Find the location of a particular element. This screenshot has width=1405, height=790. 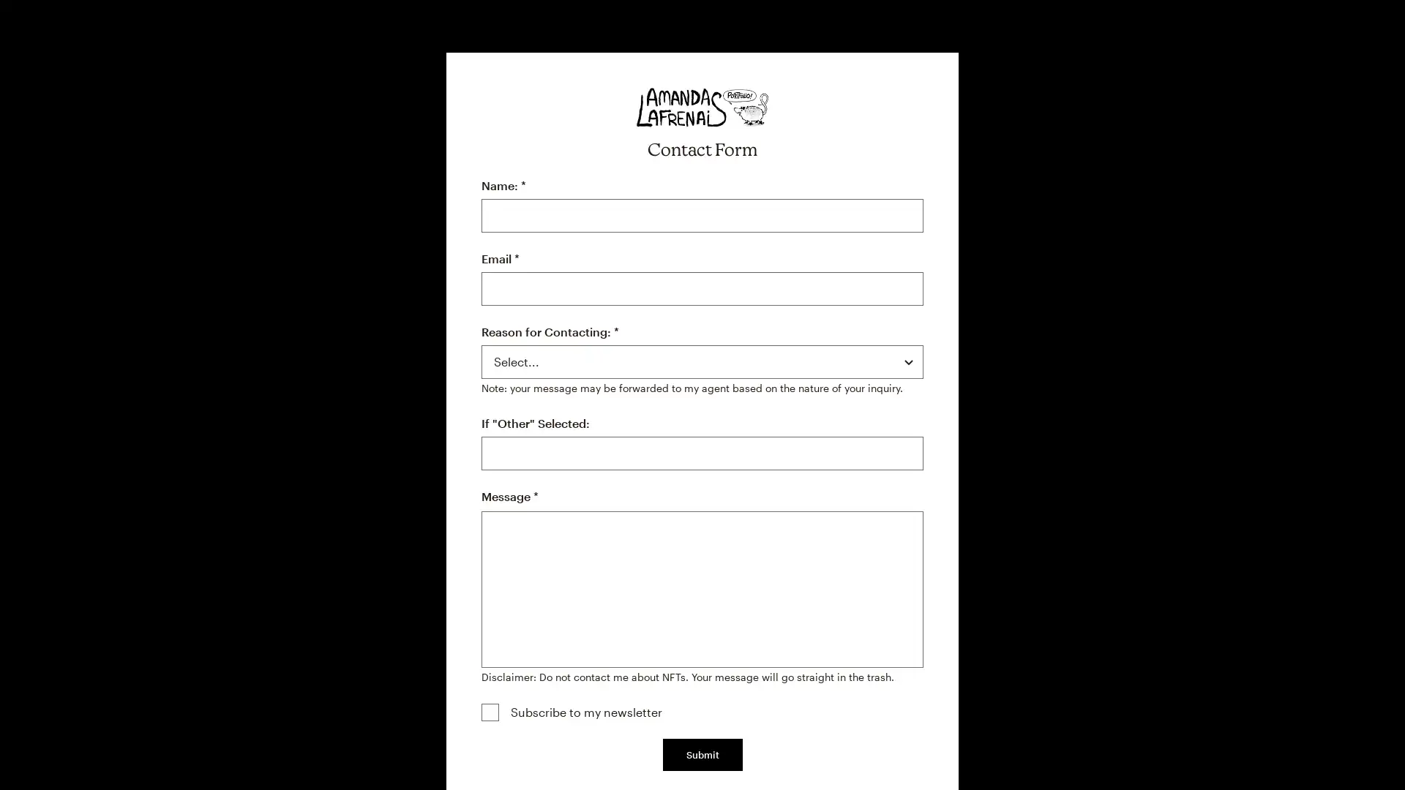

Submit is located at coordinates (701, 753).